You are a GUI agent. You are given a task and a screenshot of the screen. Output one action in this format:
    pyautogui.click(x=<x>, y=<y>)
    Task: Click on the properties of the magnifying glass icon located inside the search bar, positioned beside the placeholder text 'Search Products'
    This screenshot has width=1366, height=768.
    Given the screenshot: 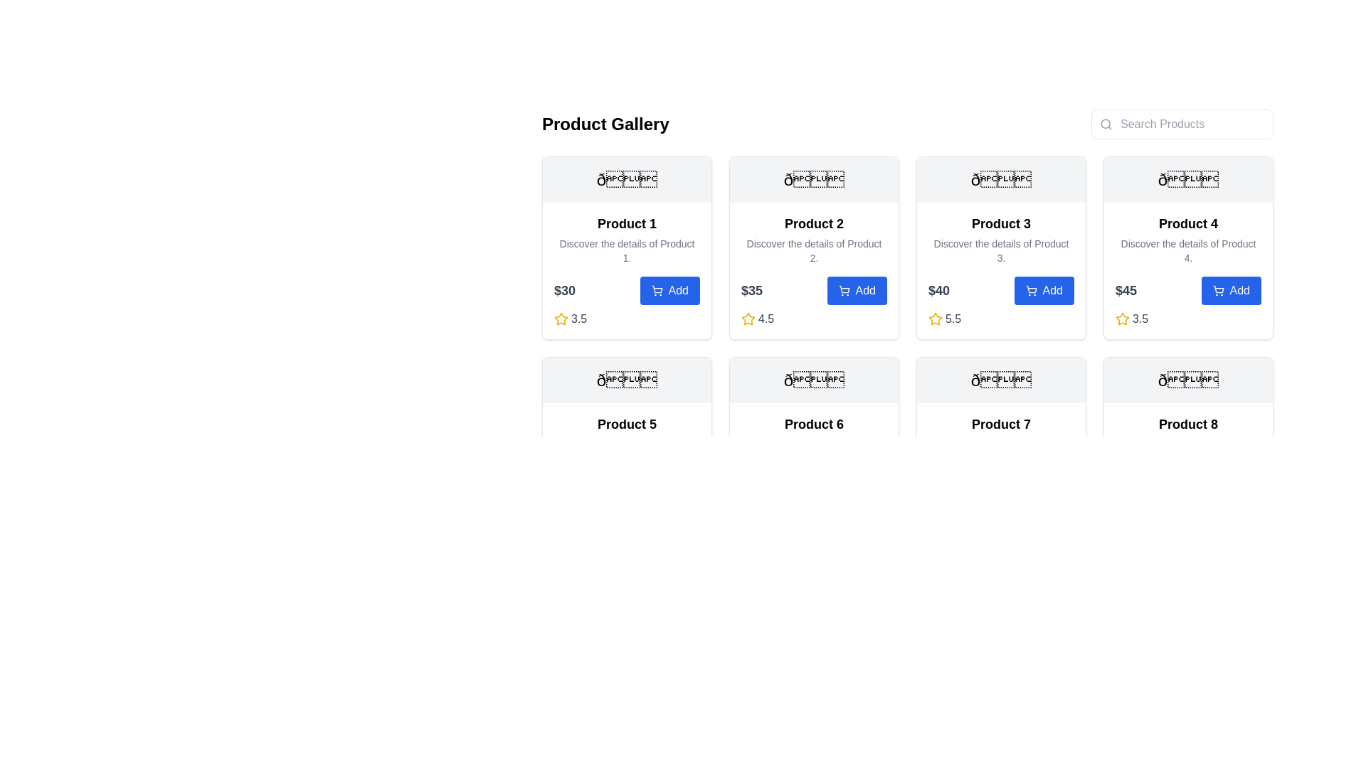 What is the action you would take?
    pyautogui.click(x=1106, y=123)
    